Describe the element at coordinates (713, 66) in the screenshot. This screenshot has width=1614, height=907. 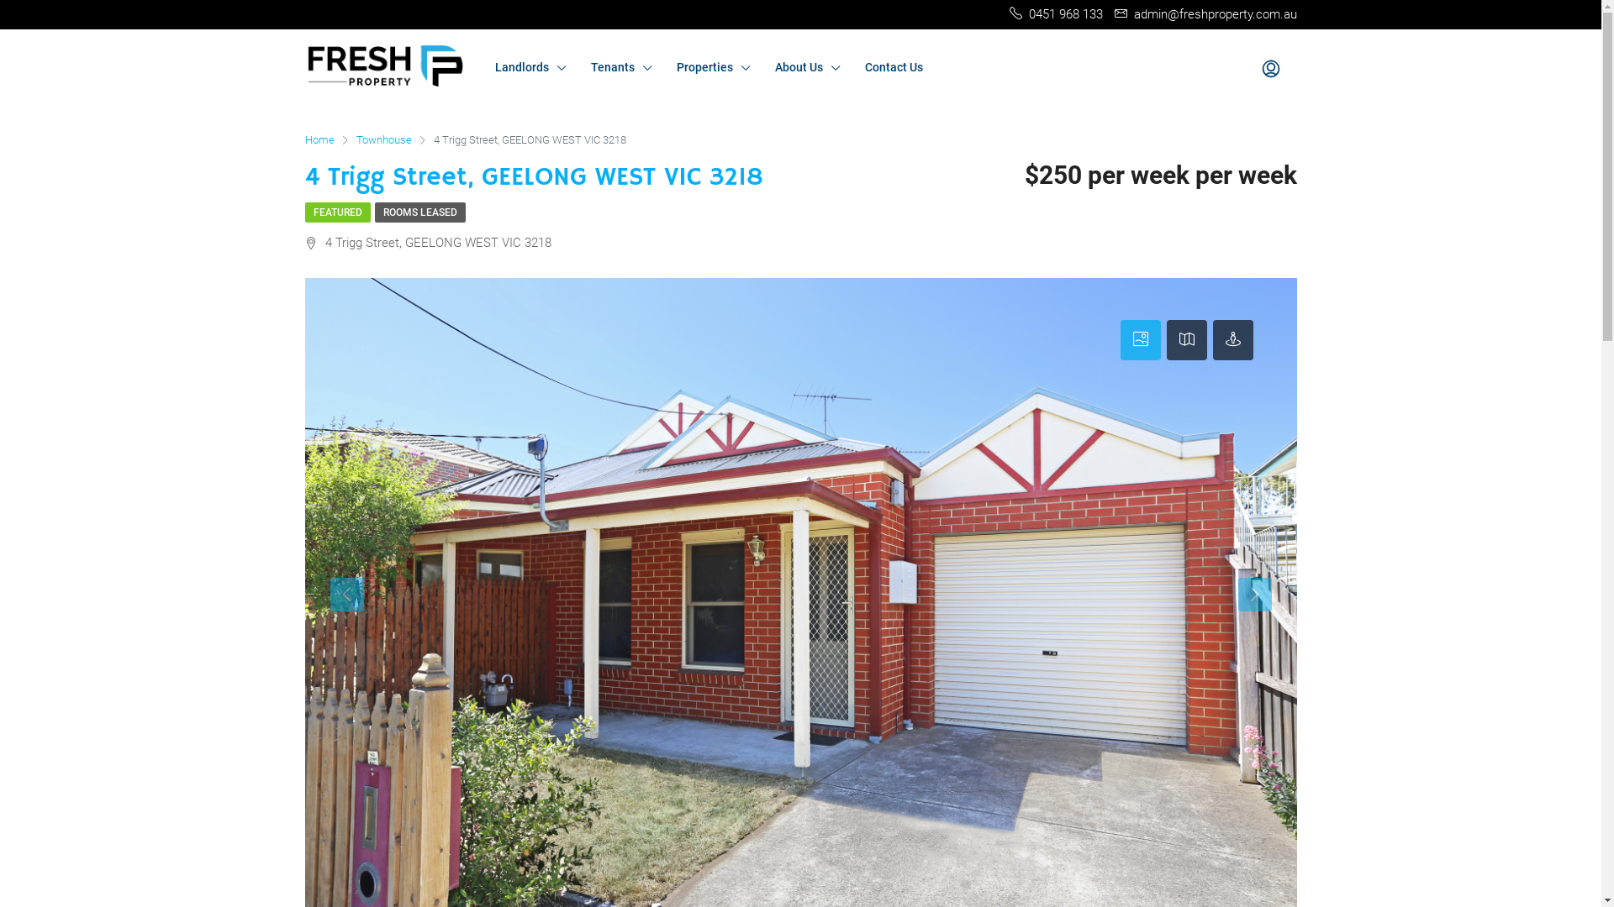
I see `'Properties'` at that location.